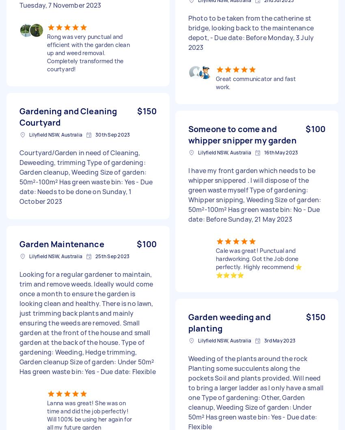  Describe the element at coordinates (61, 244) in the screenshot. I see `'Garden Maintenance'` at that location.